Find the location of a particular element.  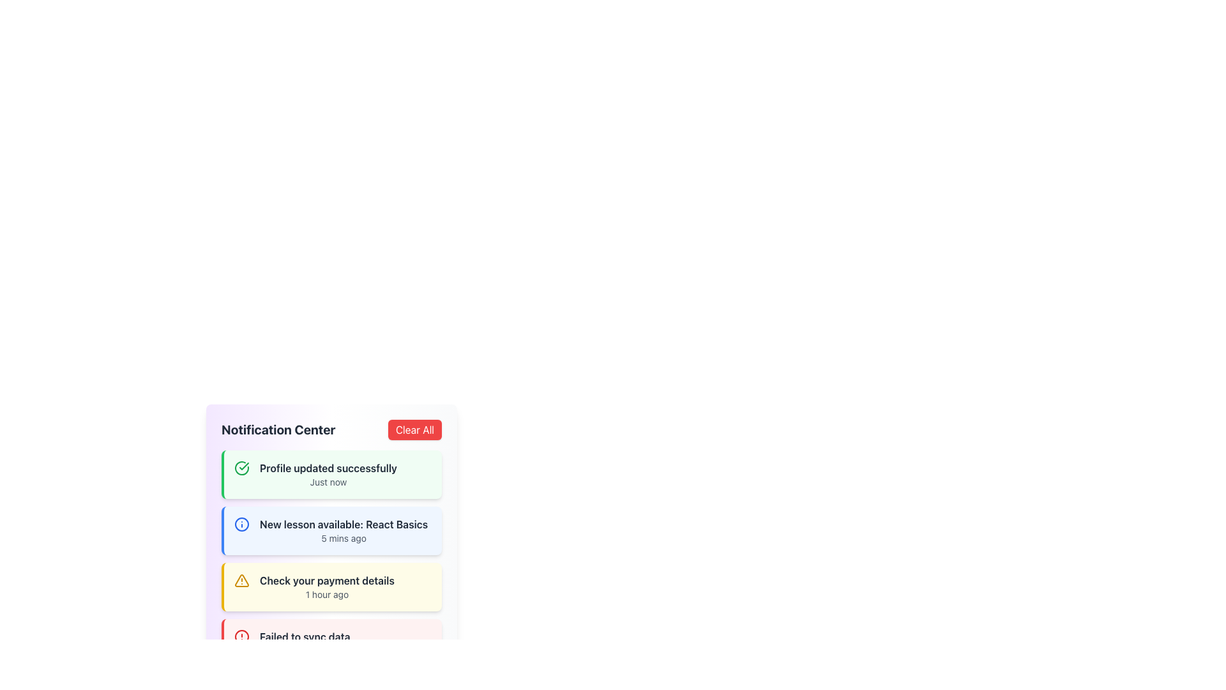

the timestamp text element located in the bottom part of the yellow-highlighted notification box, underneath the primary message 'Check your payment details', which is at the third position in the list of notifications within the 'Notification Center' panel is located at coordinates (327, 594).